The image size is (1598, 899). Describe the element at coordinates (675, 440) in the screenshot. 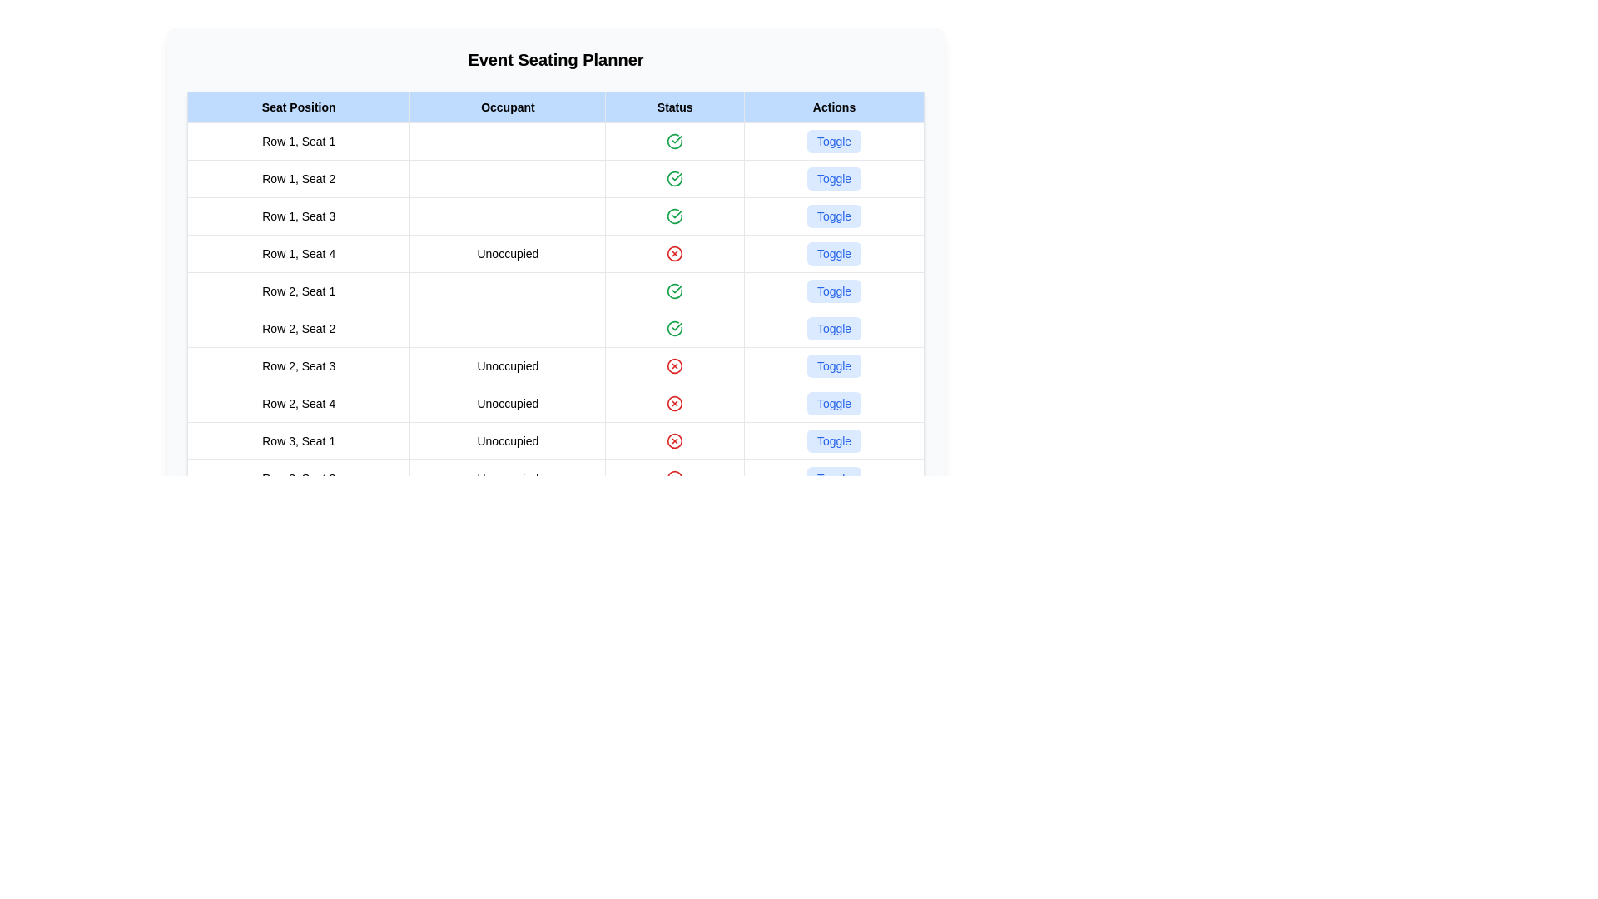

I see `the circular icon with a red border and a red 'X' symbol located in the 'Status' column of the table for 'Row 3, Seat 1', indicating a negative action` at that location.